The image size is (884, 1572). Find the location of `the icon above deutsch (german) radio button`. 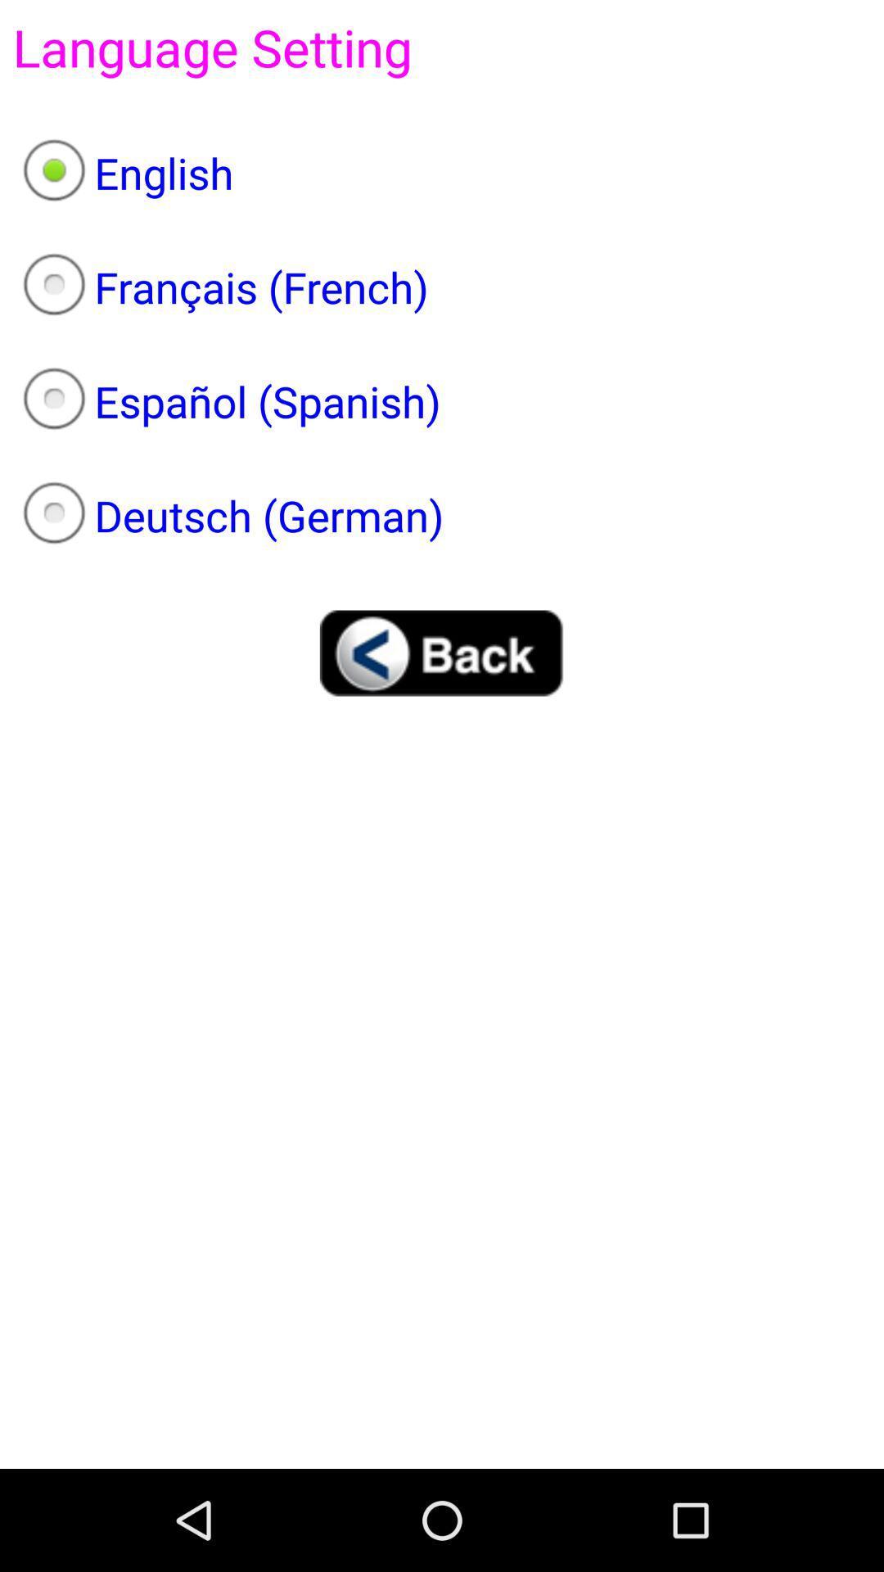

the icon above deutsch (german) radio button is located at coordinates (442, 401).